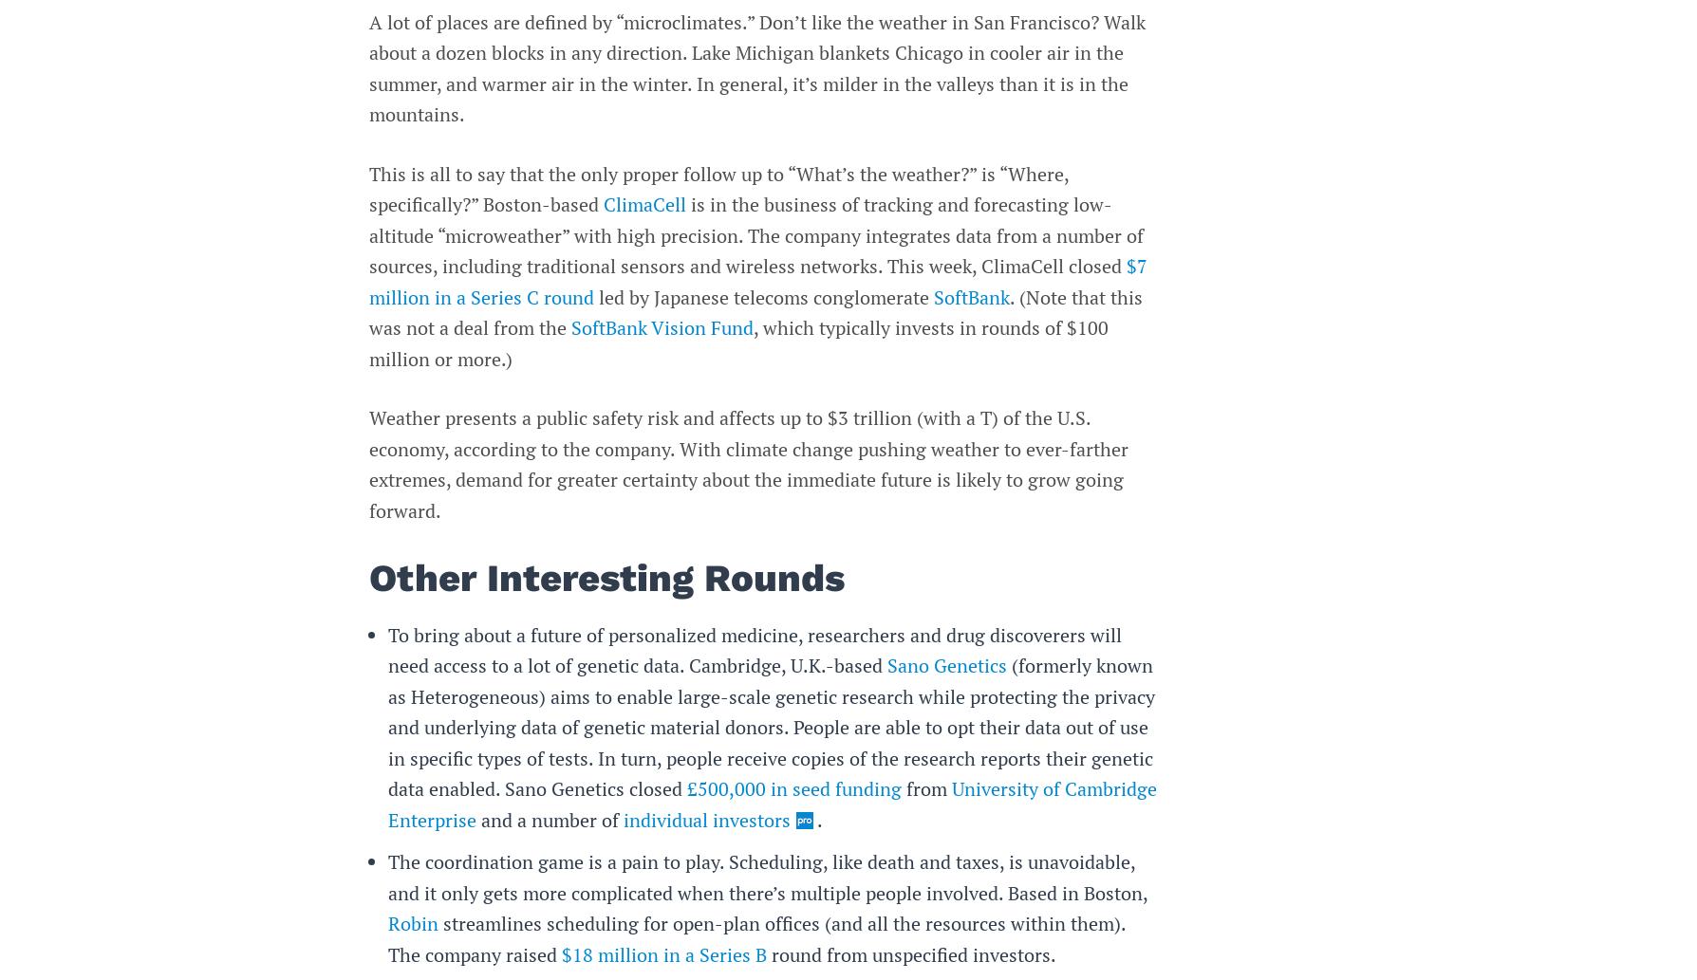 The image size is (1697, 980). Describe the element at coordinates (762, 295) in the screenshot. I see `'led by Japanese telecoms conglomerate'` at that location.